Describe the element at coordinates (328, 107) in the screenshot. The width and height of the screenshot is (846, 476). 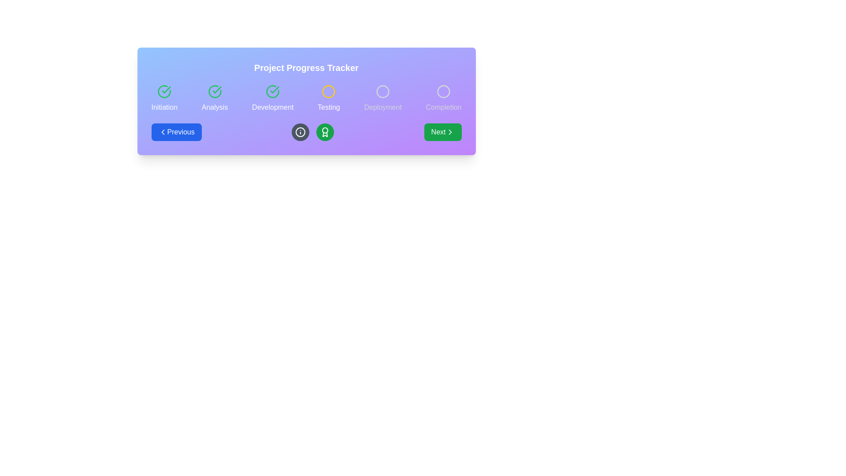
I see `the text label displaying 'Testing', which is centrally aligned below a yellow circular icon and positioned between 'Development' and 'Deployment' steps in the progress tracker` at that location.